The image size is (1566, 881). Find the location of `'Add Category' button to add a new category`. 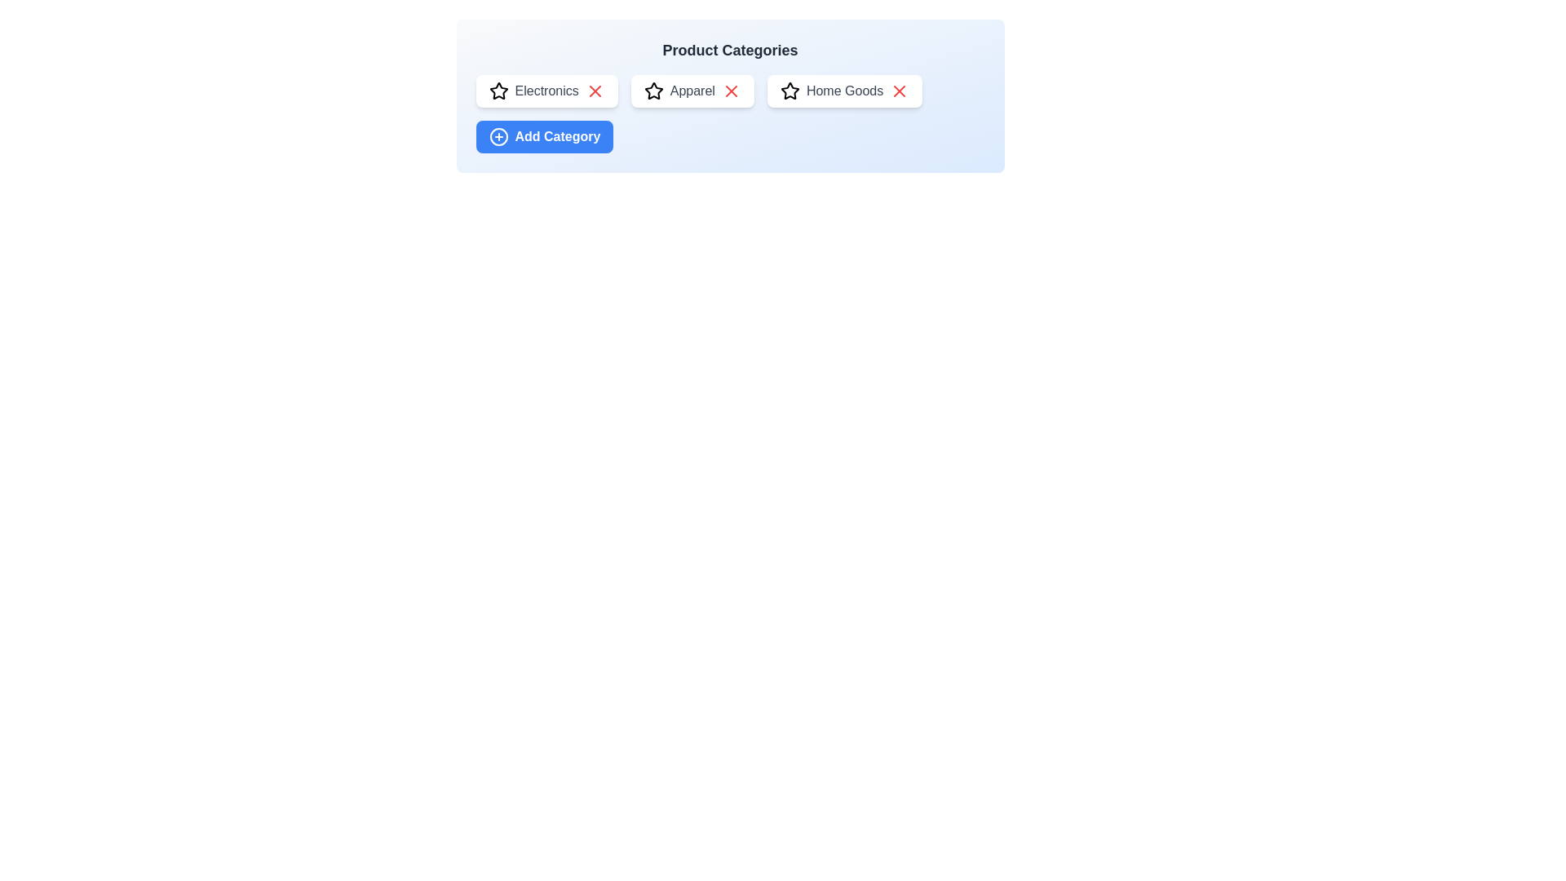

'Add Category' button to add a new category is located at coordinates (544, 136).